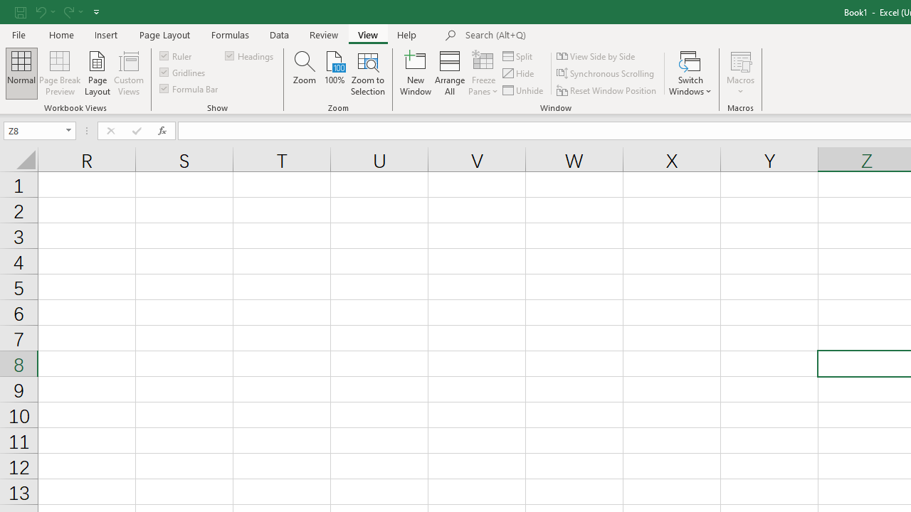 The image size is (911, 512). I want to click on 'Freeze Panes', so click(483, 73).